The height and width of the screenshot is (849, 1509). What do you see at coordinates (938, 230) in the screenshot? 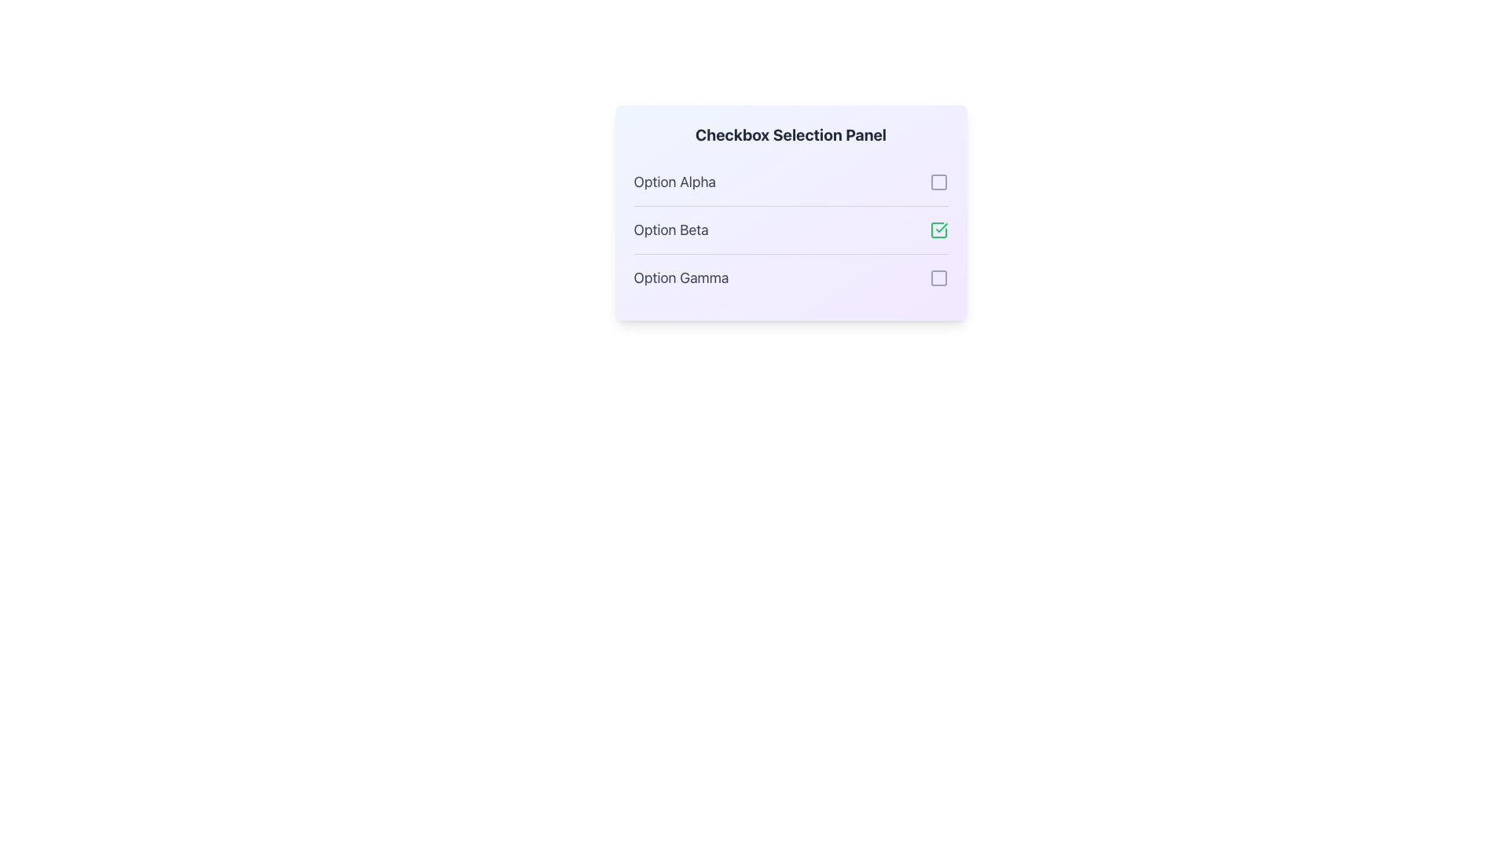
I see `the checkbox to the right of the 'Option Beta' label` at bounding box center [938, 230].